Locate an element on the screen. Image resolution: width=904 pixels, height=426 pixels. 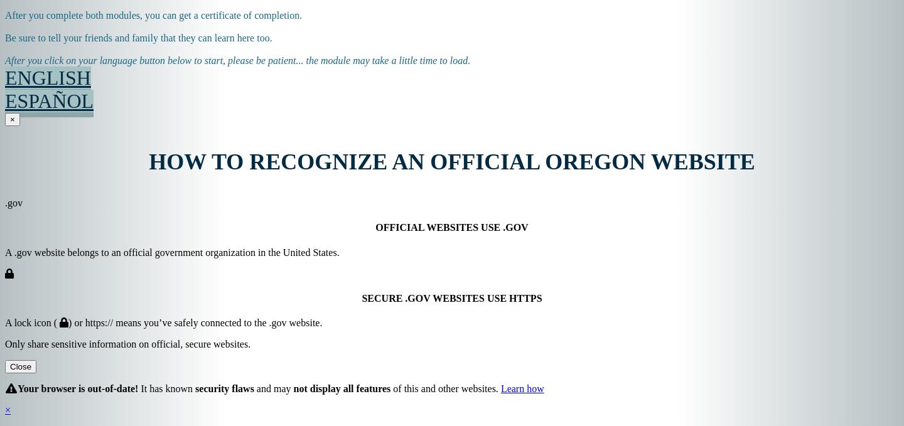
'security flaws' is located at coordinates (224, 388).